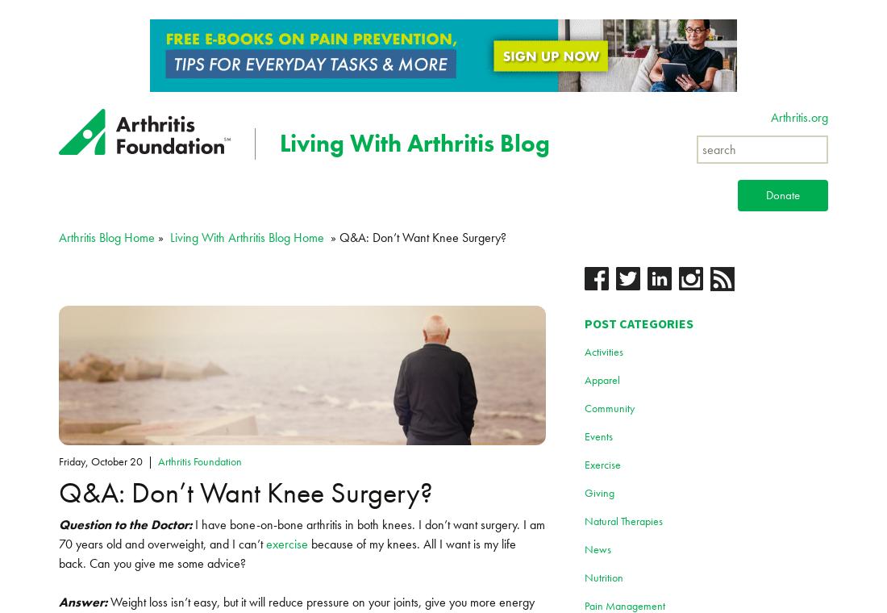 The width and height of the screenshot is (887, 613). I want to click on 'Post Categories', so click(638, 322).